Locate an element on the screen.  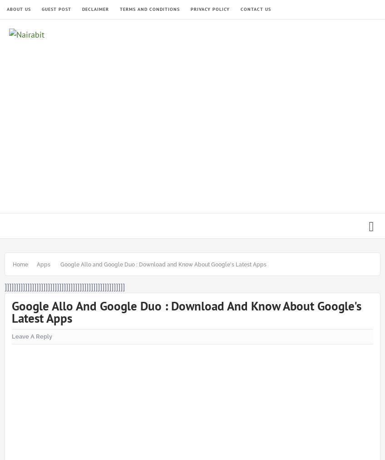
'Leave a Reply' is located at coordinates (32, 335).